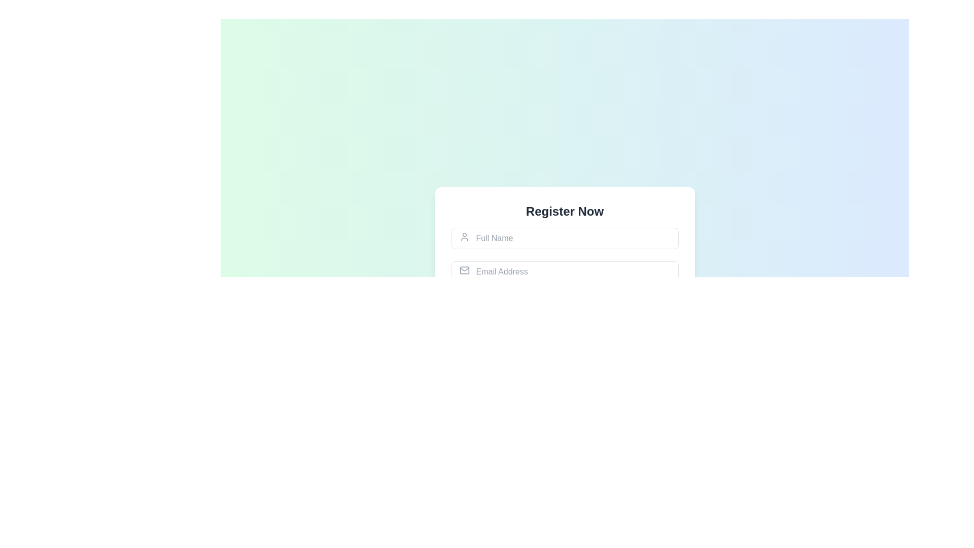 This screenshot has height=548, width=974. Describe the element at coordinates (464, 269) in the screenshot. I see `the envelope icon representing an email symbol, which is located to the left of the 'Email Address' input field` at that location.